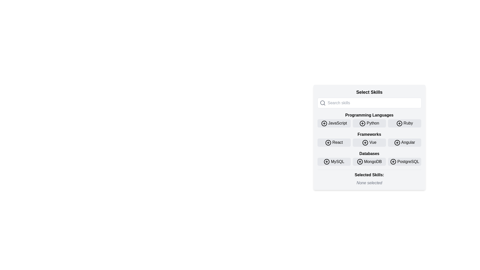 This screenshot has width=480, height=270. I want to click on the Interactive button for 'Vue', so click(369, 142).